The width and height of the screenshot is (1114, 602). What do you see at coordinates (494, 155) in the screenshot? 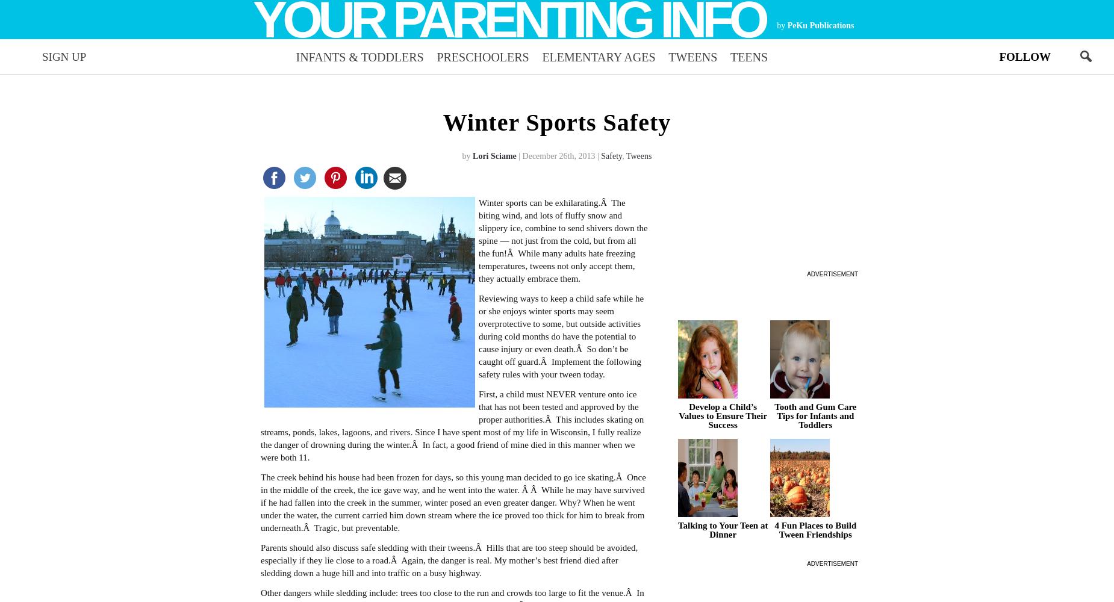
I see `'Lori Sciame'` at bounding box center [494, 155].